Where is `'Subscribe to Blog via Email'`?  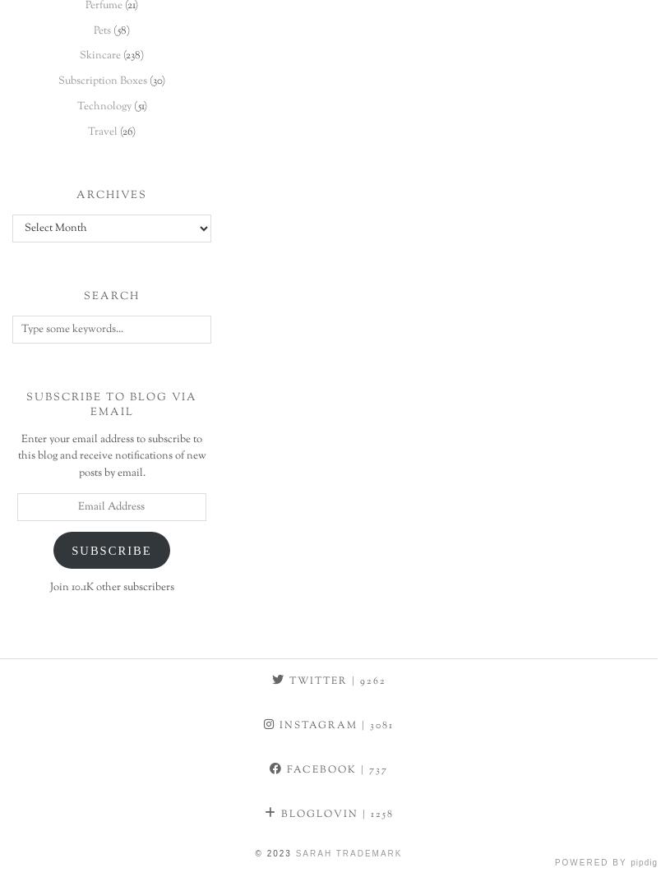 'Subscribe to Blog via Email' is located at coordinates (111, 403).